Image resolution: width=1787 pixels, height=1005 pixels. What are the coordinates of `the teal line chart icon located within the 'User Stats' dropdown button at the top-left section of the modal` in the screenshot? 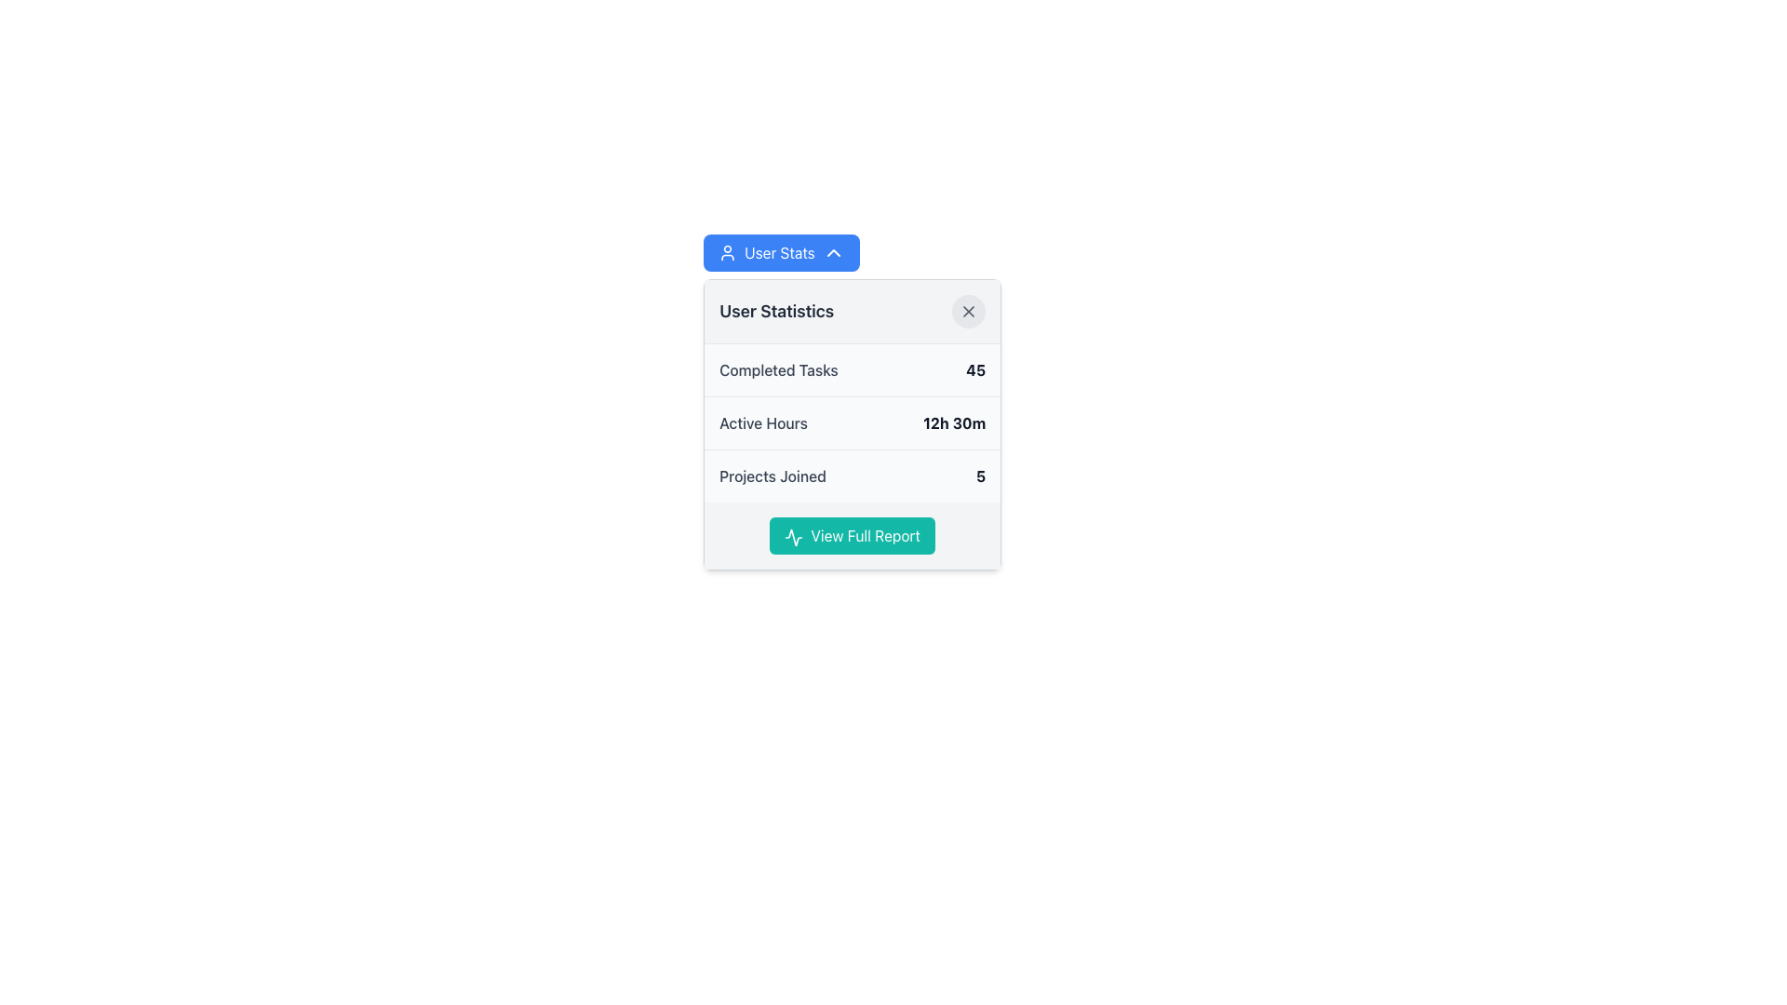 It's located at (794, 537).